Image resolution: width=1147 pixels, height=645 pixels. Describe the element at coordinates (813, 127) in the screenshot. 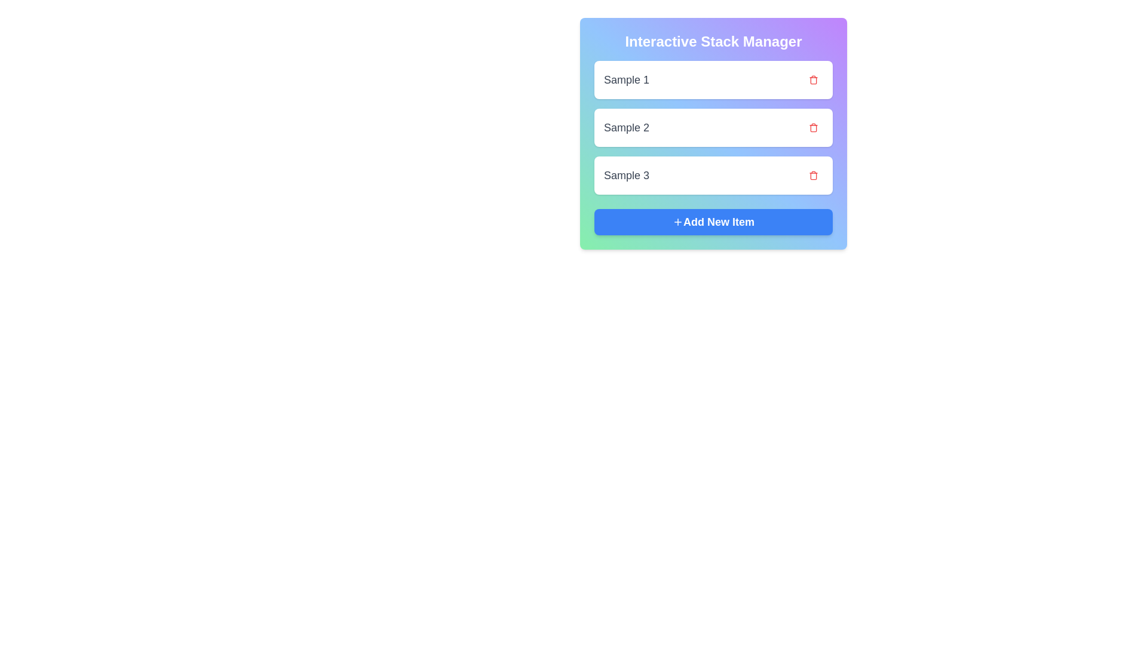

I see `the delete button located to the far right of the 'Sample 2' item` at that location.